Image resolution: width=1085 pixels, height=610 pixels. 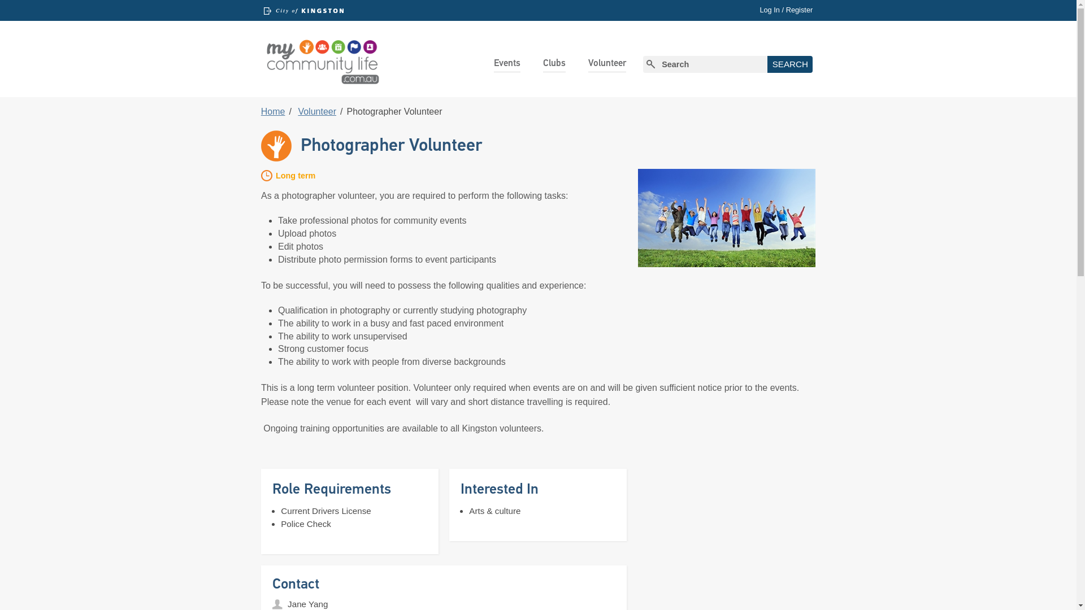 I want to click on 'Events', so click(x=506, y=63).